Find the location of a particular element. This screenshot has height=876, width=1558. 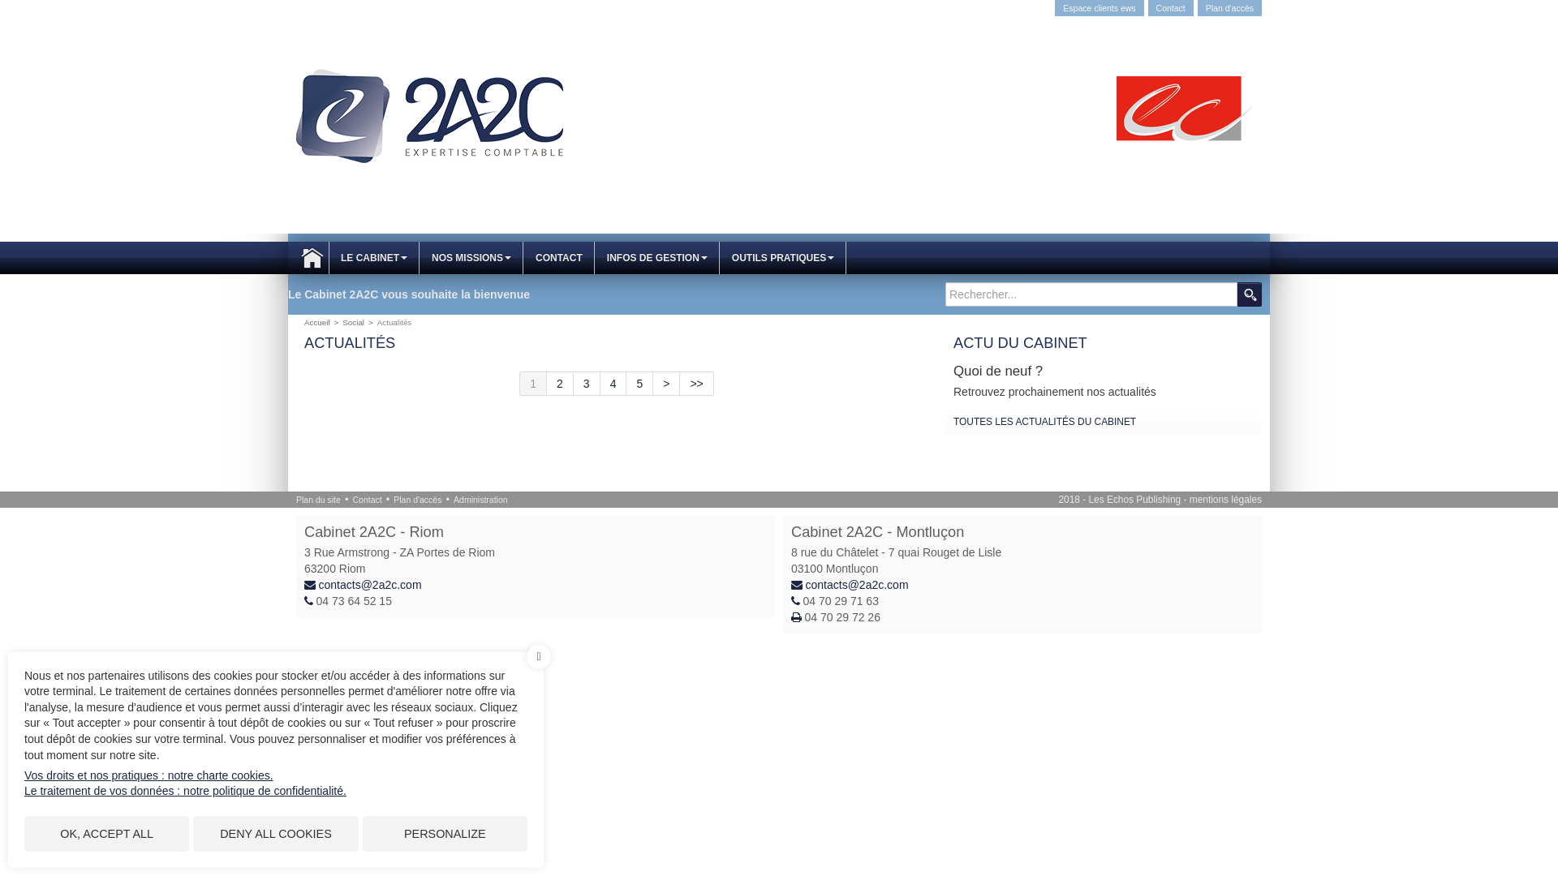

'Fax' is located at coordinates (798, 616).